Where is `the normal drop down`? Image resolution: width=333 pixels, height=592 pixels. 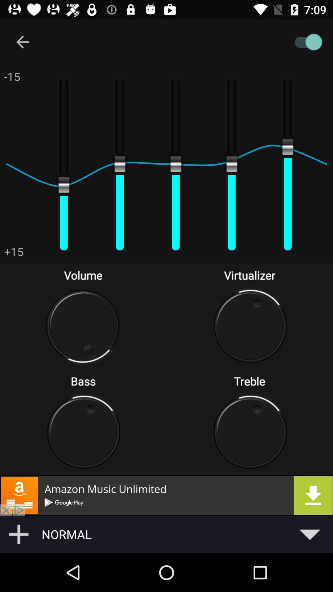 the normal drop down is located at coordinates (185, 534).